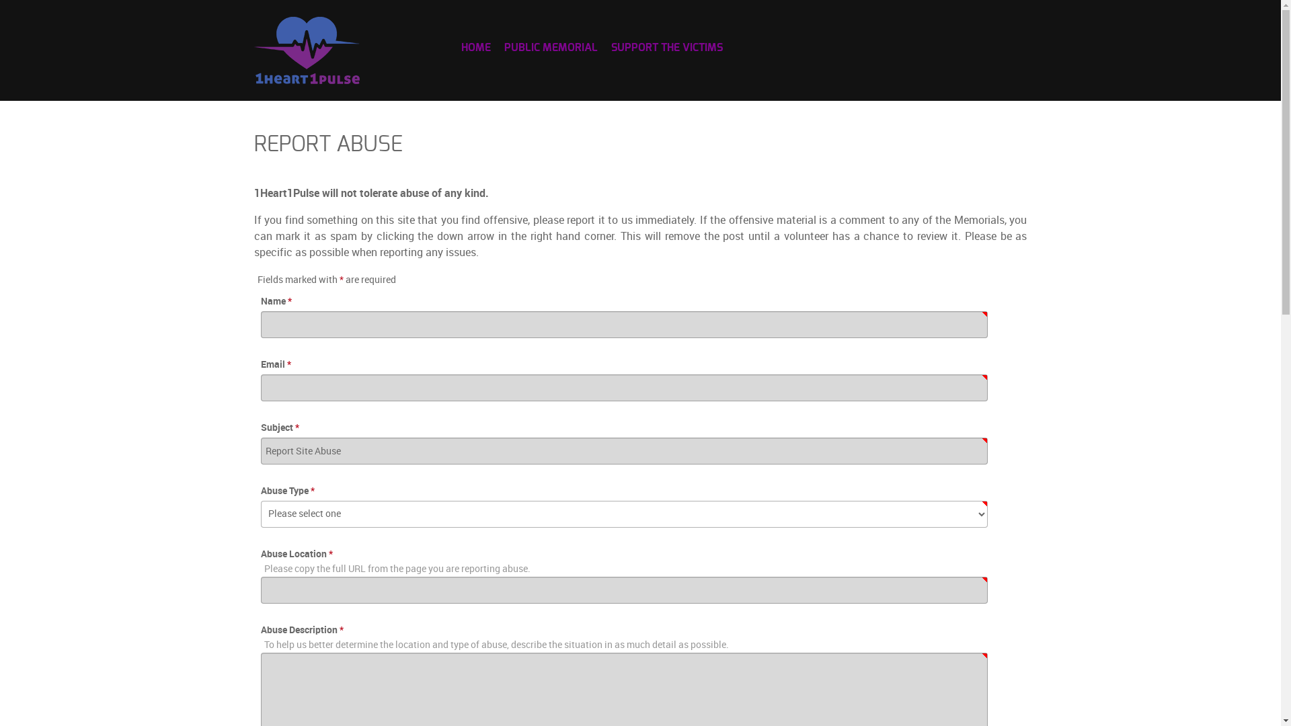  Describe the element at coordinates (476, 46) in the screenshot. I see `'HOME'` at that location.